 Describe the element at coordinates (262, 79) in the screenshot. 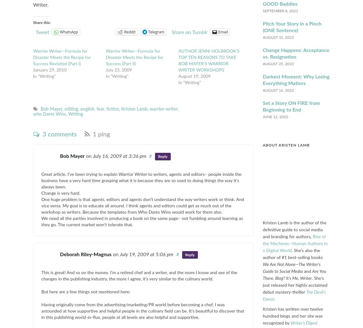

I see `'Darkest Moment: Why Losing Everything Matters'` at that location.